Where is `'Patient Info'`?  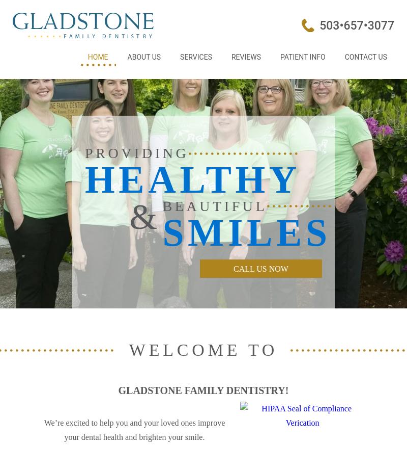
'Patient Info' is located at coordinates (302, 57).